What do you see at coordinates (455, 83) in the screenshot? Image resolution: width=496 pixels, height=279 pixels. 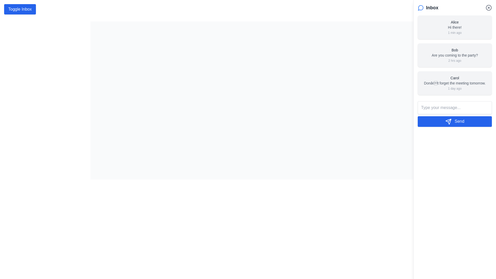 I see `the text label displaying the message content from 'Carol' in the chat conversation, located below the sender's name and above the timestamp` at bounding box center [455, 83].